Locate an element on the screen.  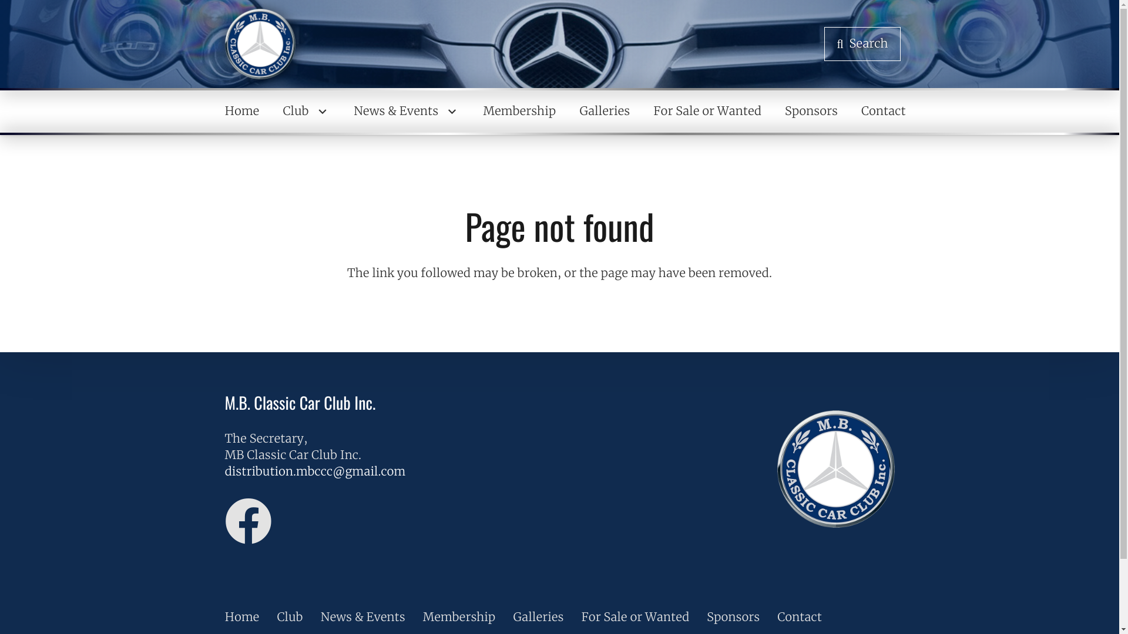
'Club' is located at coordinates (306, 111).